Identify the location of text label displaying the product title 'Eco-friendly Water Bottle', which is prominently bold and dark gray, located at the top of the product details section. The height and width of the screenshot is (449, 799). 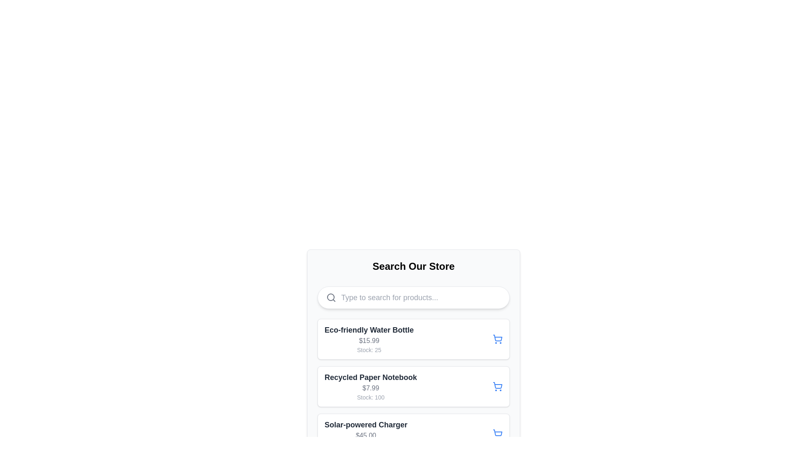
(369, 330).